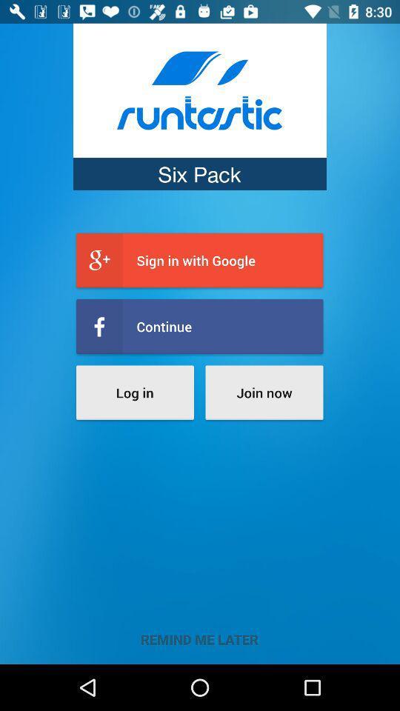 The image size is (400, 711). What do you see at coordinates (199, 260) in the screenshot?
I see `the sign in with item` at bounding box center [199, 260].